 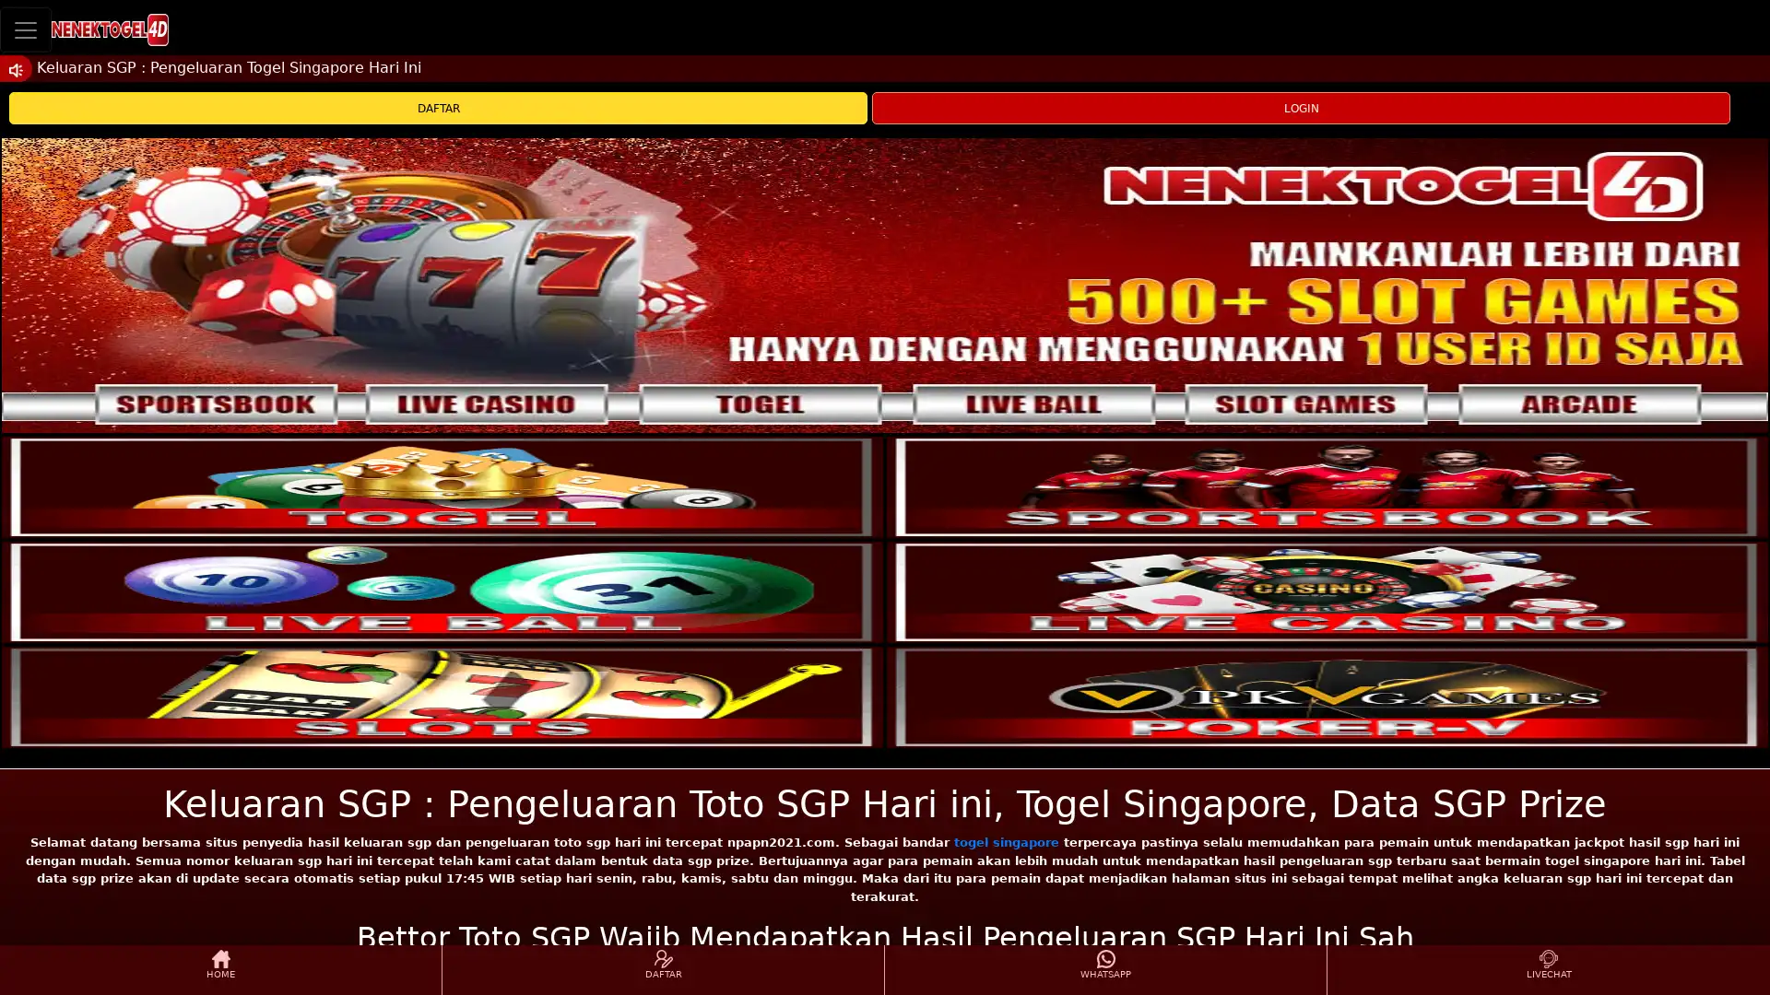 What do you see at coordinates (437, 108) in the screenshot?
I see `DAFTAR` at bounding box center [437, 108].